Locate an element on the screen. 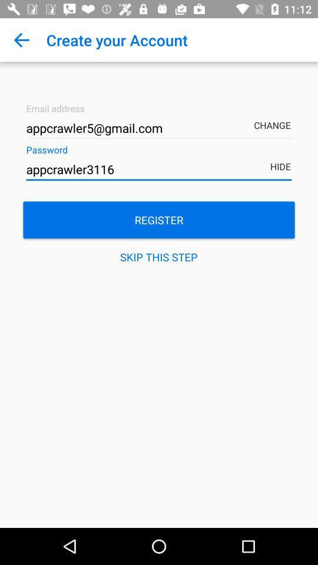 This screenshot has height=565, width=318. the appcrawler3116 item is located at coordinates (159, 169).